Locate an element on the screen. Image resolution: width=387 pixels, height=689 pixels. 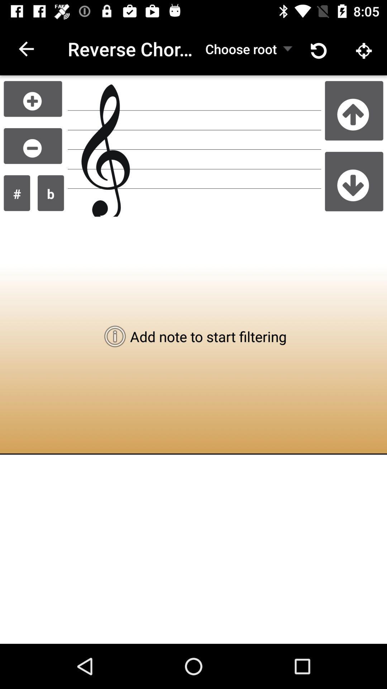
go up is located at coordinates (354, 110).